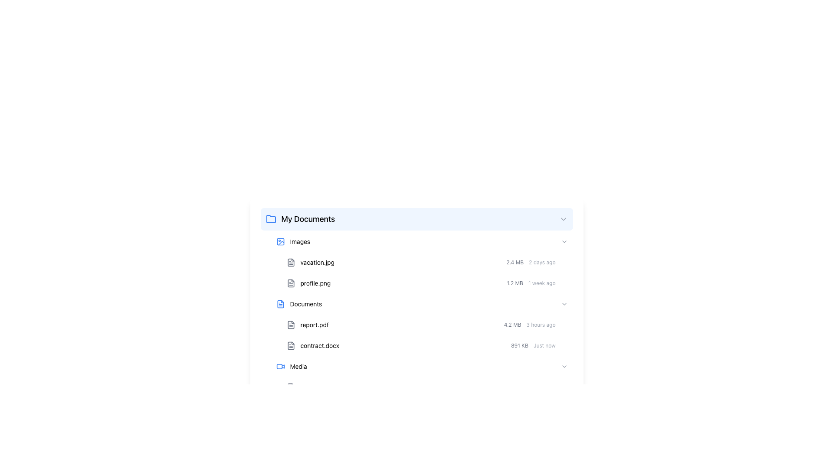 The height and width of the screenshot is (468, 833). I want to click on the static text element displaying '2.4 MB', which is aligned to the right of the file name 'vacation.jpg' within its list item, so click(515, 262).